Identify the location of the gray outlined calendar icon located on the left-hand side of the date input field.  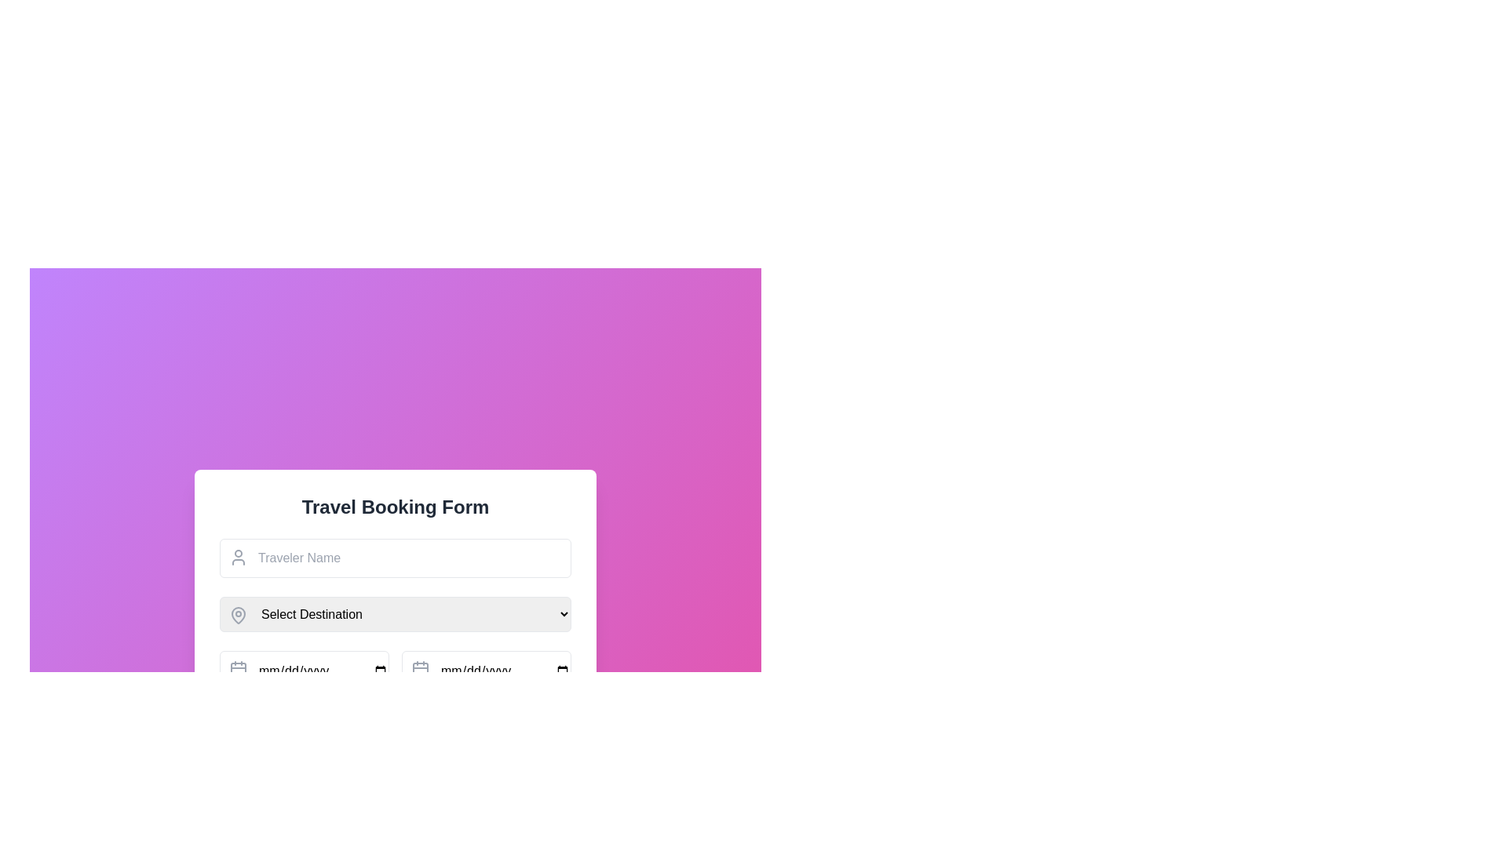
(237, 669).